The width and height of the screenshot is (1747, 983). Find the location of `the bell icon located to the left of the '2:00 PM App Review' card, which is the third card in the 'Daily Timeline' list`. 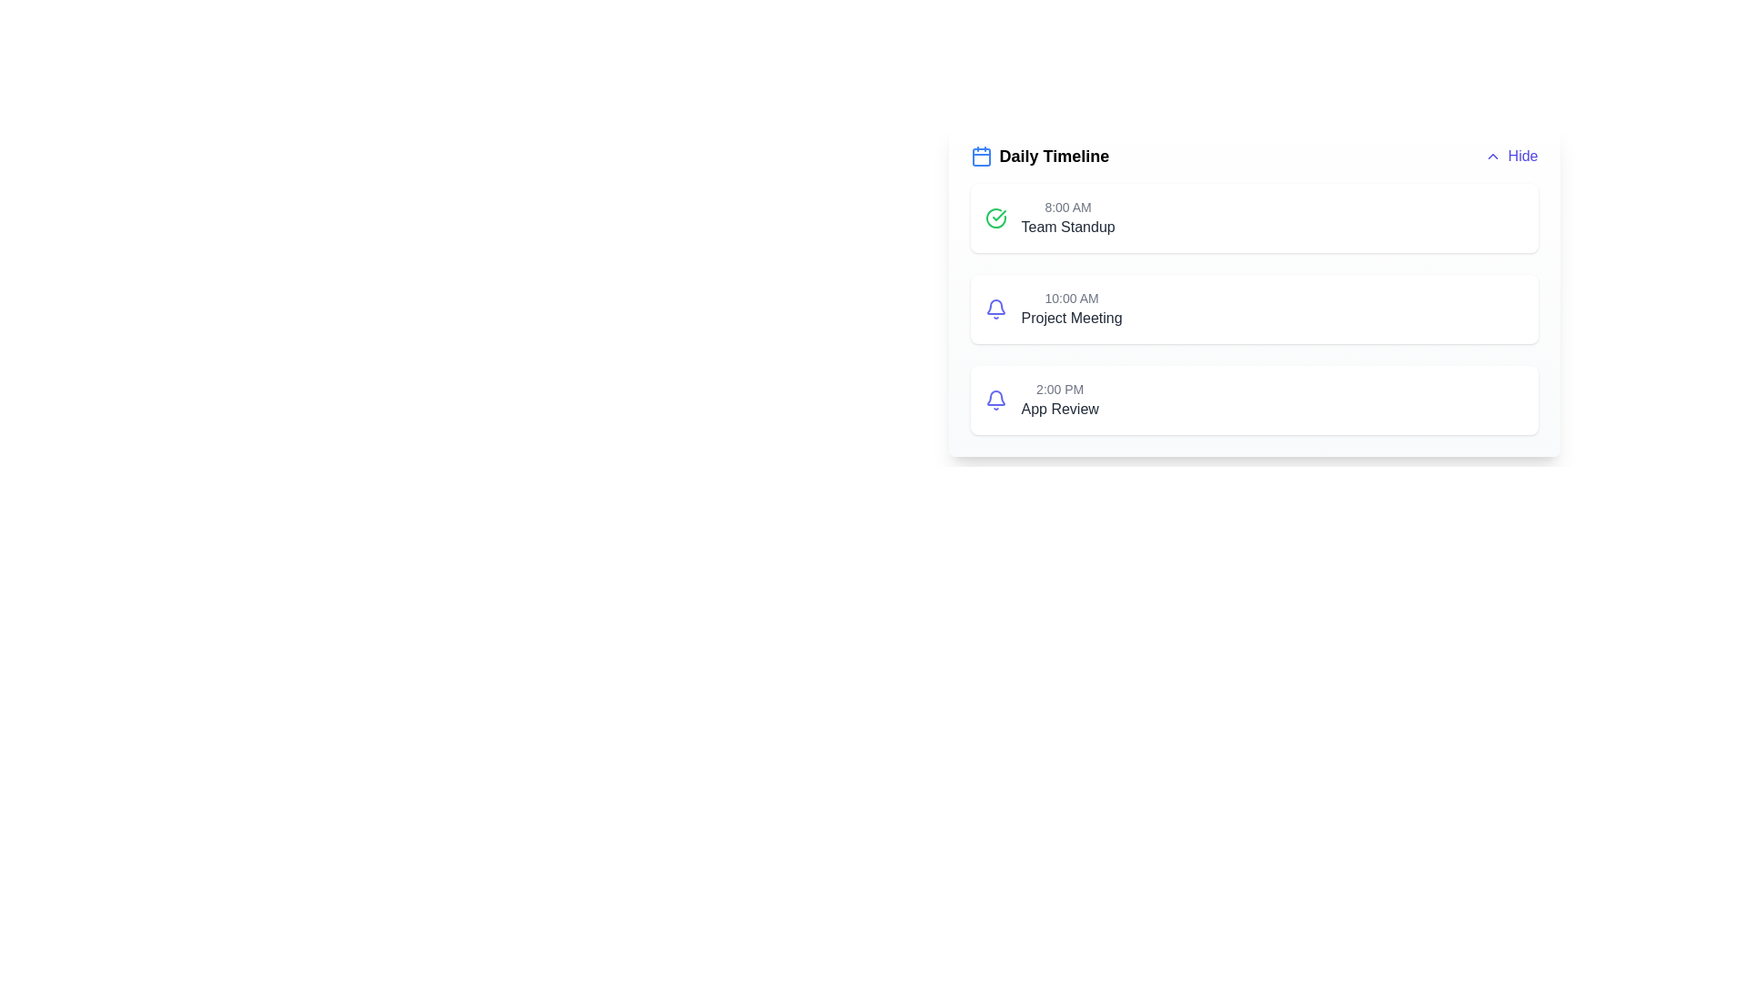

the bell icon located to the left of the '2:00 PM App Review' card, which is the third card in the 'Daily Timeline' list is located at coordinates (995, 399).